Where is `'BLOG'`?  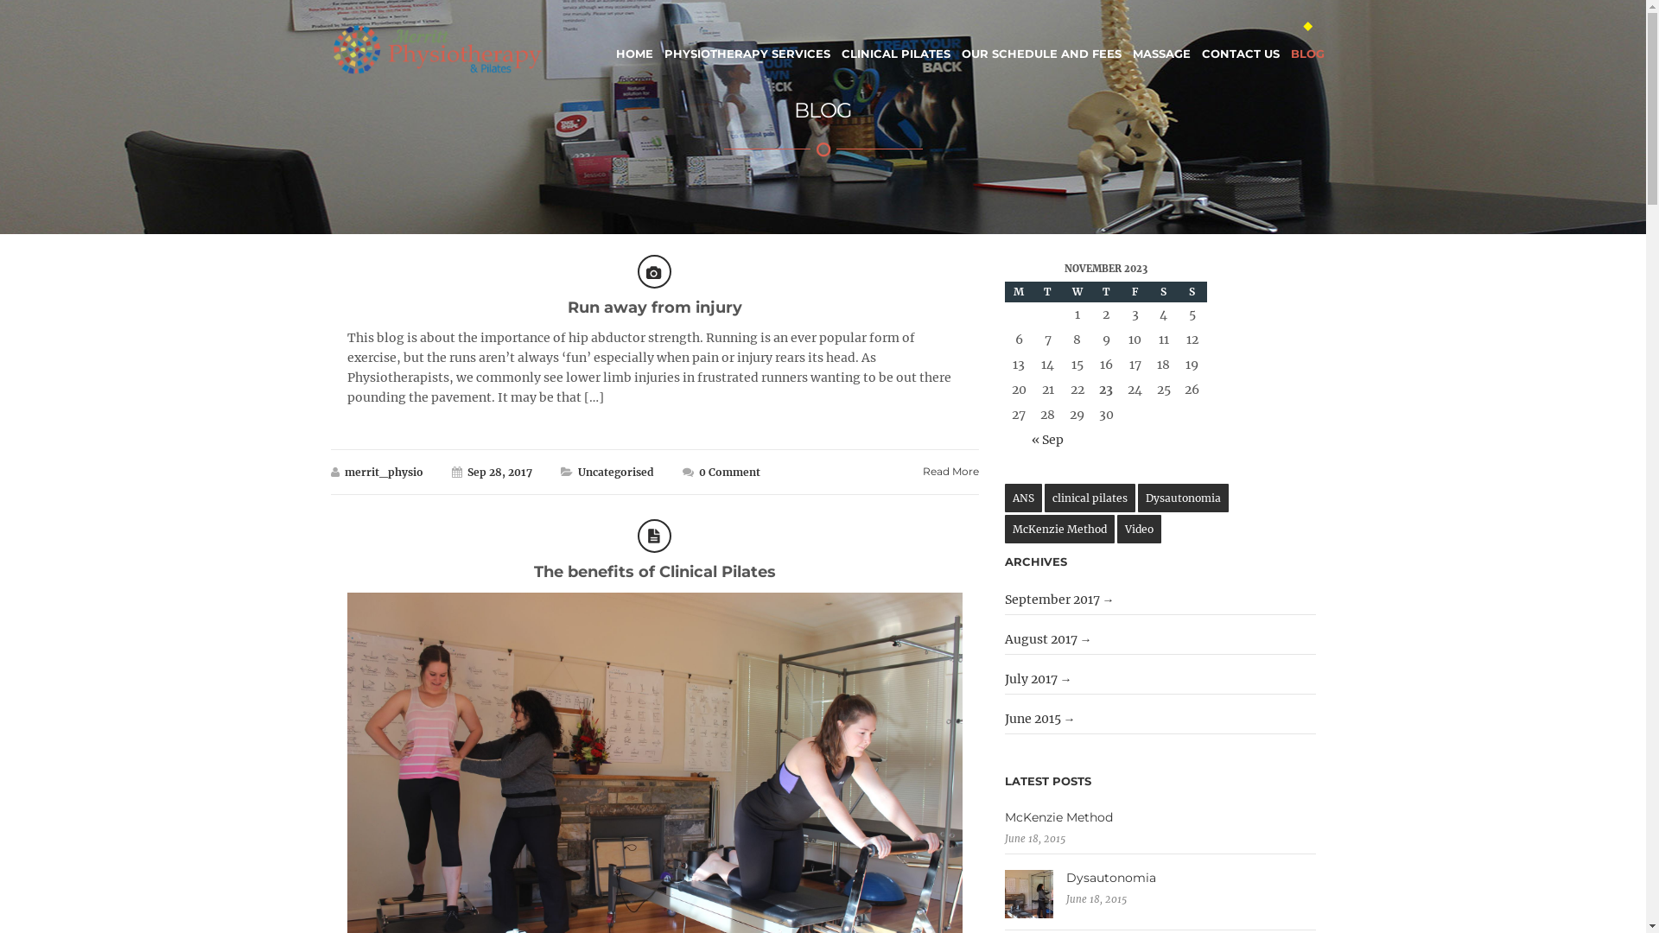 'BLOG' is located at coordinates (1307, 42).